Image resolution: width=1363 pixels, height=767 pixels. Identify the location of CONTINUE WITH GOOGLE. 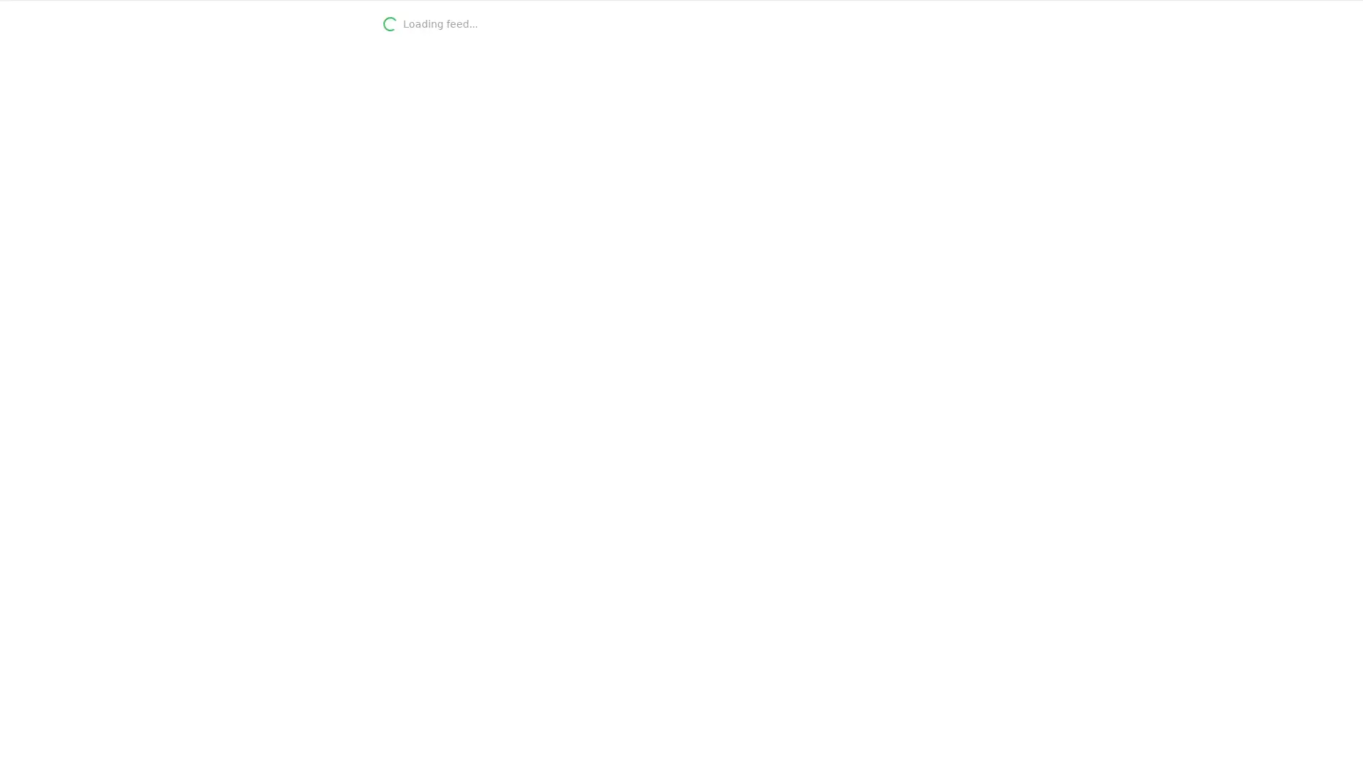
(467, 721).